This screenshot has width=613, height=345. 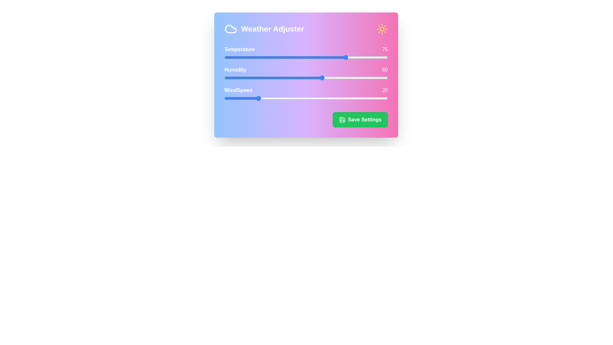 I want to click on the text label within the green save button that is located to the right of the floppy disk icon, so click(x=365, y=119).